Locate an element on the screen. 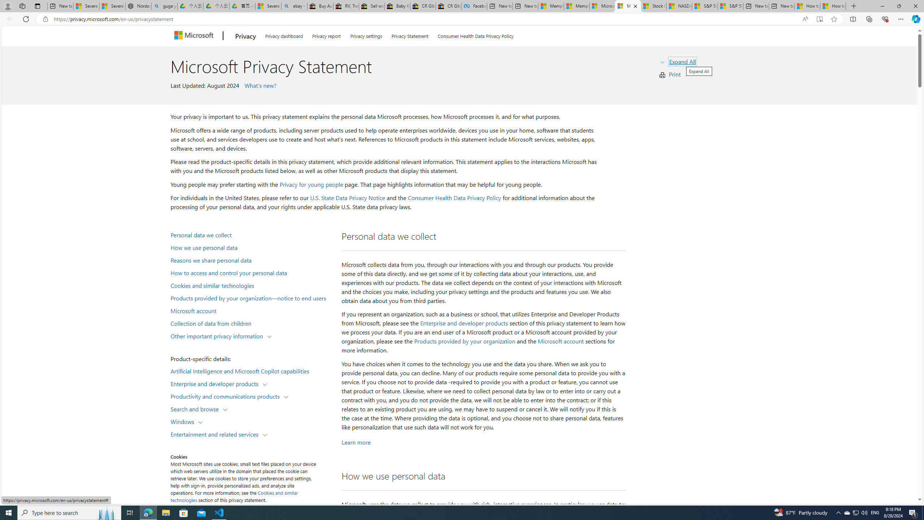  'Entertainment and related services' is located at coordinates (216, 433).